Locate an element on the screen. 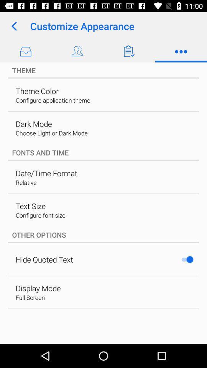  relative is located at coordinates (26, 182).